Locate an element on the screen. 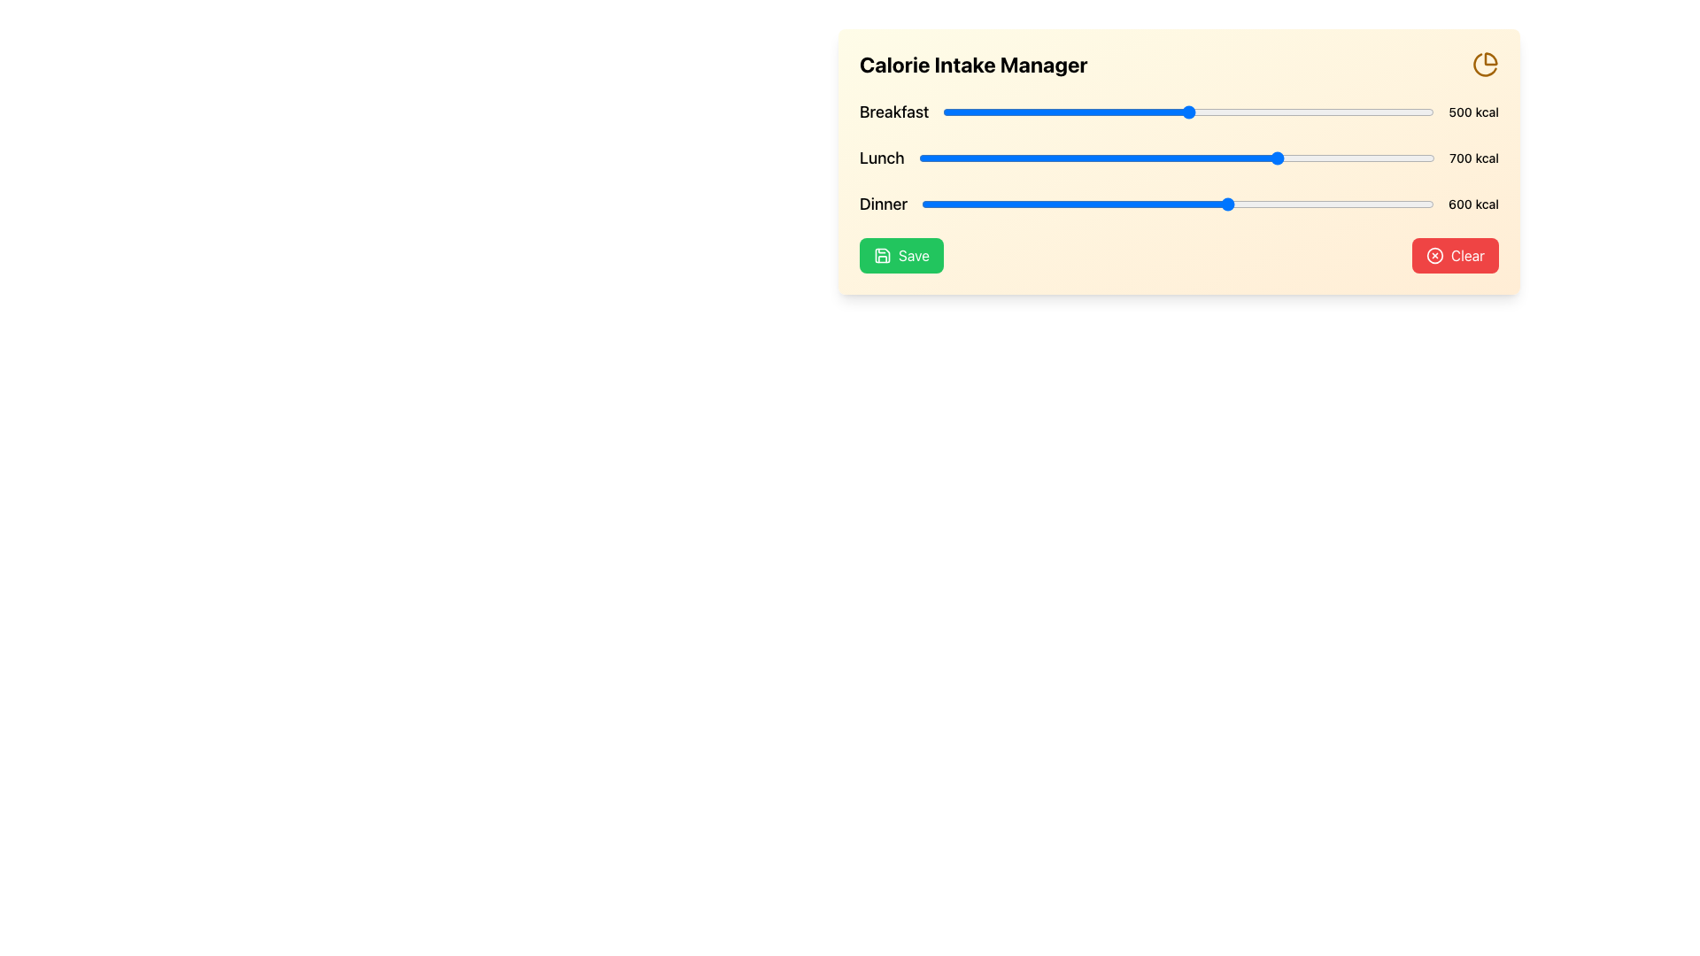 The image size is (1700, 956). the lunch kcal value is located at coordinates (1022, 157).